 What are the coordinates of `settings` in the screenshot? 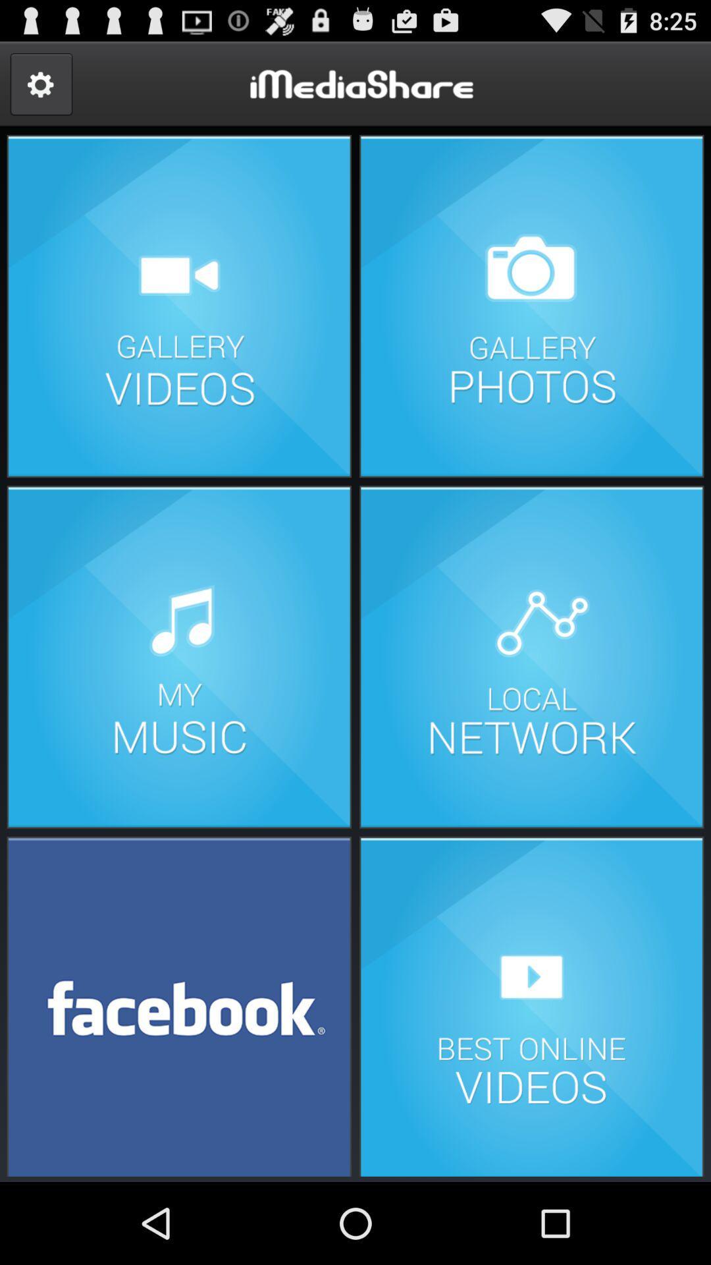 It's located at (40, 84).